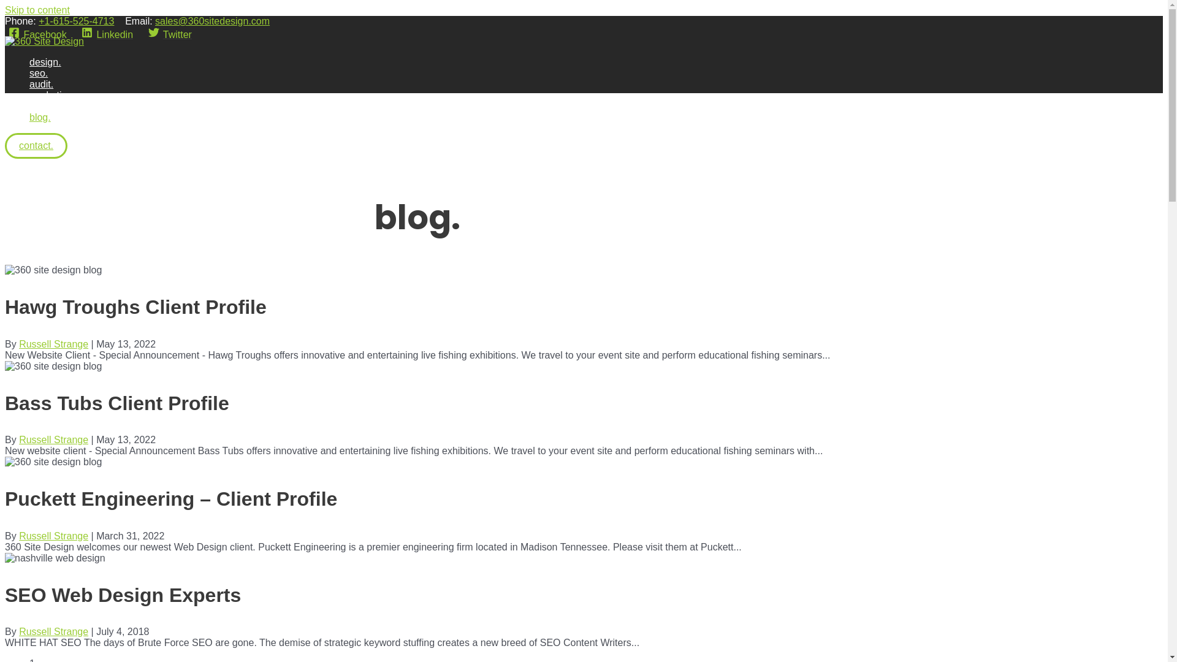  I want to click on 'contact.', so click(36, 145).